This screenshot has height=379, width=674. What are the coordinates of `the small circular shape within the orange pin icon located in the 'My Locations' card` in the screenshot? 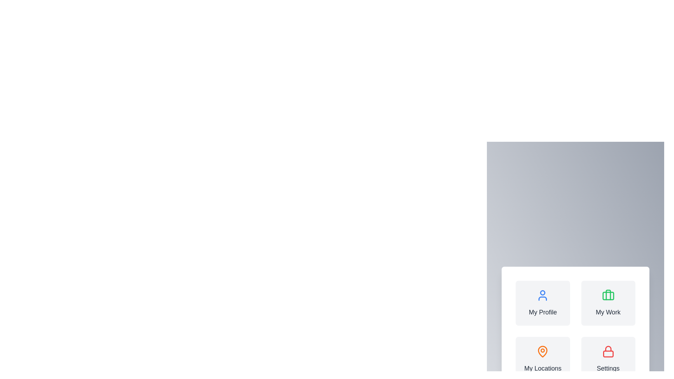 It's located at (542, 351).